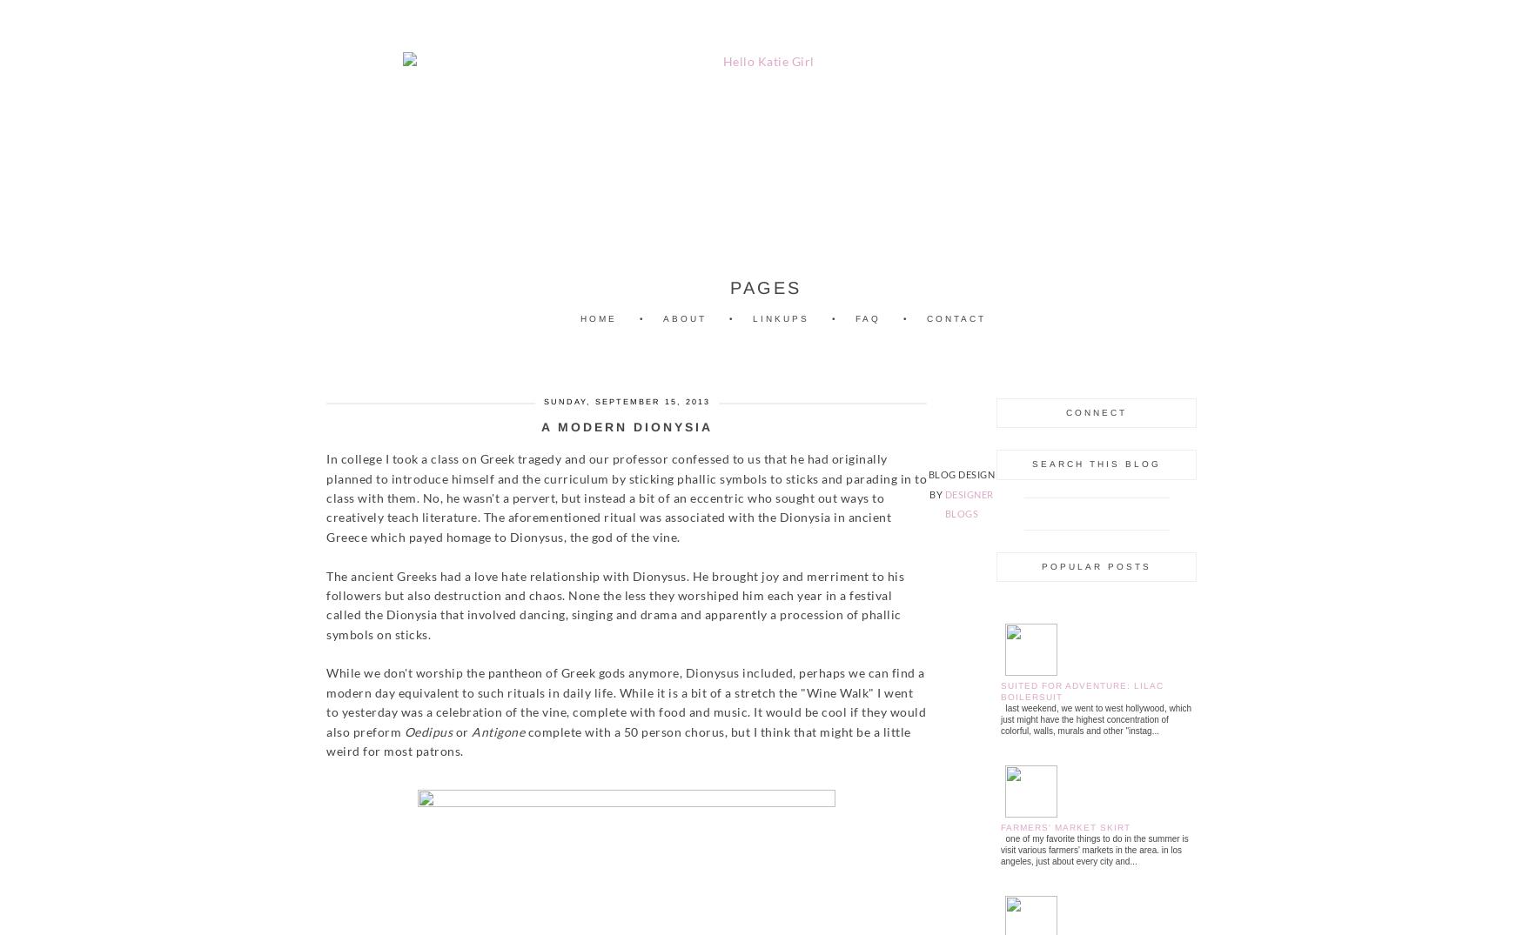 This screenshot has height=935, width=1523. What do you see at coordinates (868, 318) in the screenshot?
I see `'FAQ'` at bounding box center [868, 318].